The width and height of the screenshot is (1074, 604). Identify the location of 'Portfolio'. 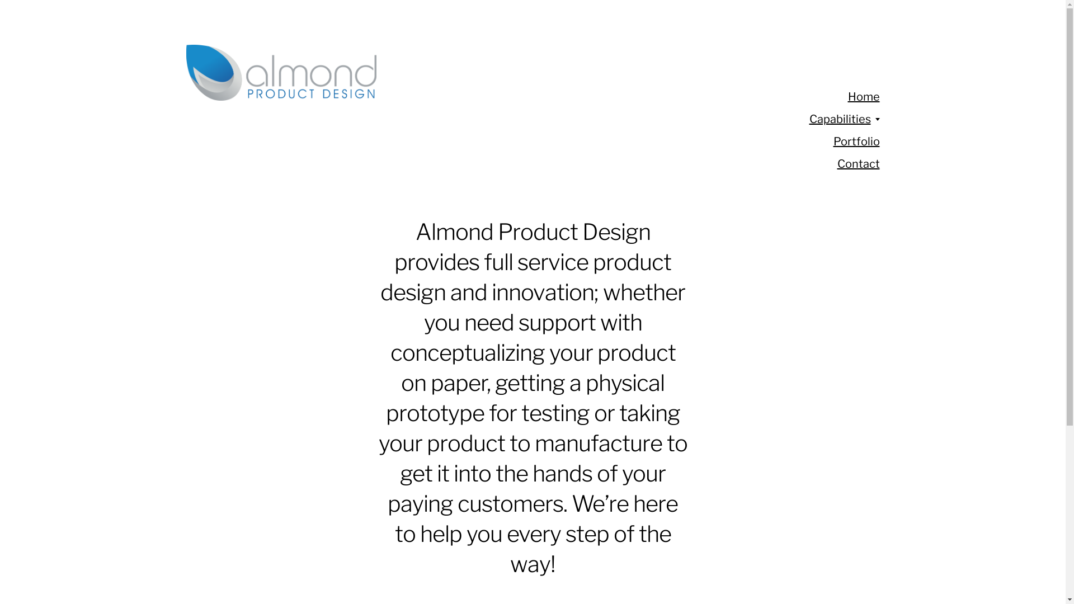
(856, 141).